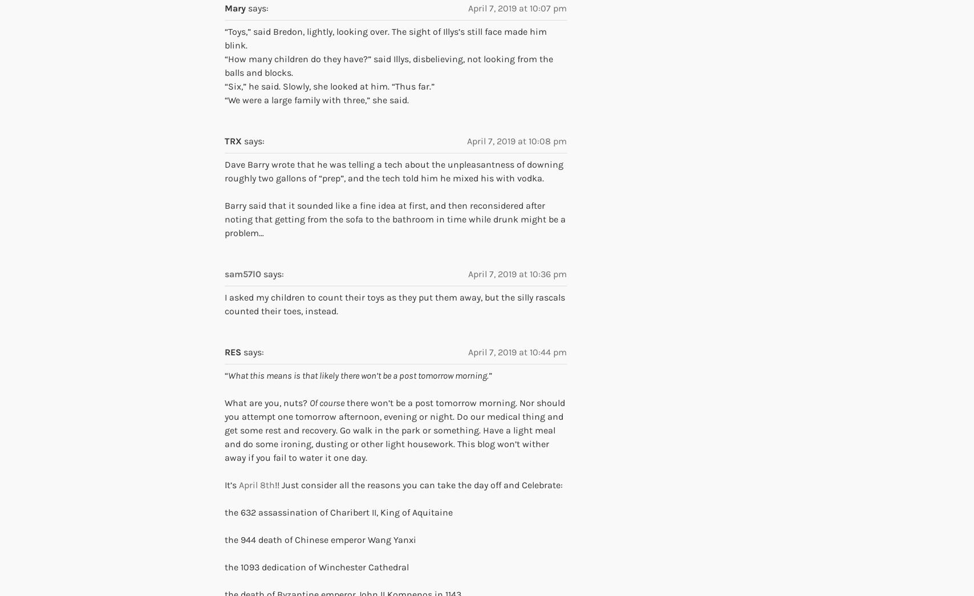 The image size is (974, 596). I want to click on 'I asked my children to count their toys as they put them away, but the silly rascals counted their toes, instead.', so click(225, 304).